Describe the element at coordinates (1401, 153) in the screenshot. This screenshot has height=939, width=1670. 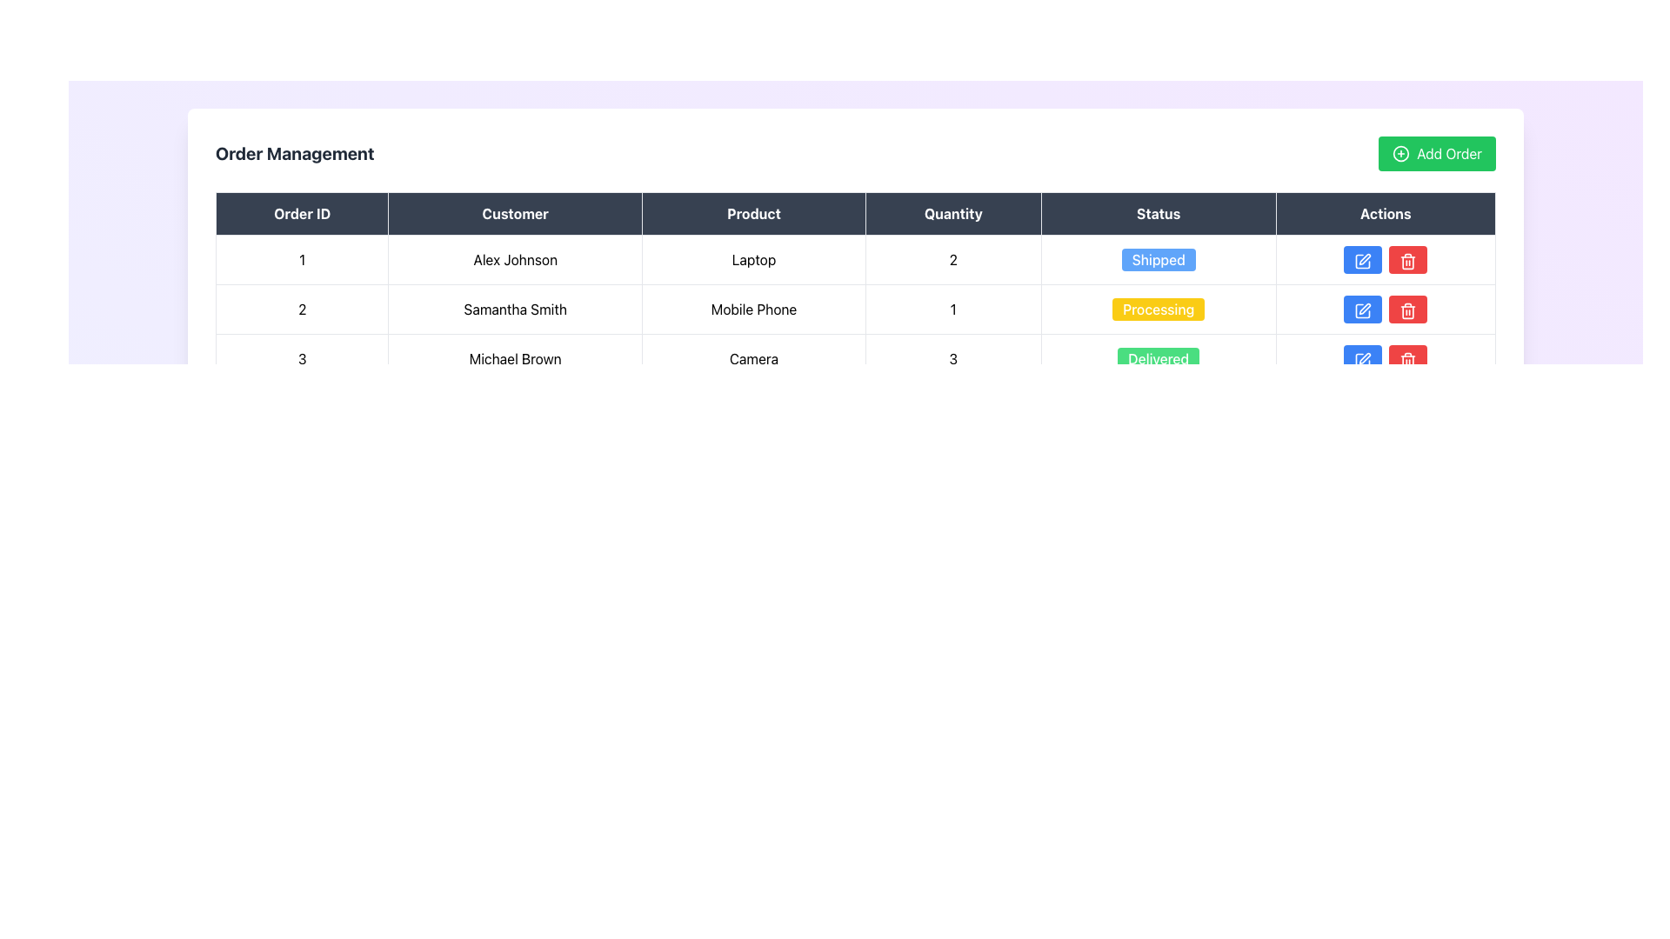
I see `the SVG circle graphical element of the 'Add Order' button` at that location.